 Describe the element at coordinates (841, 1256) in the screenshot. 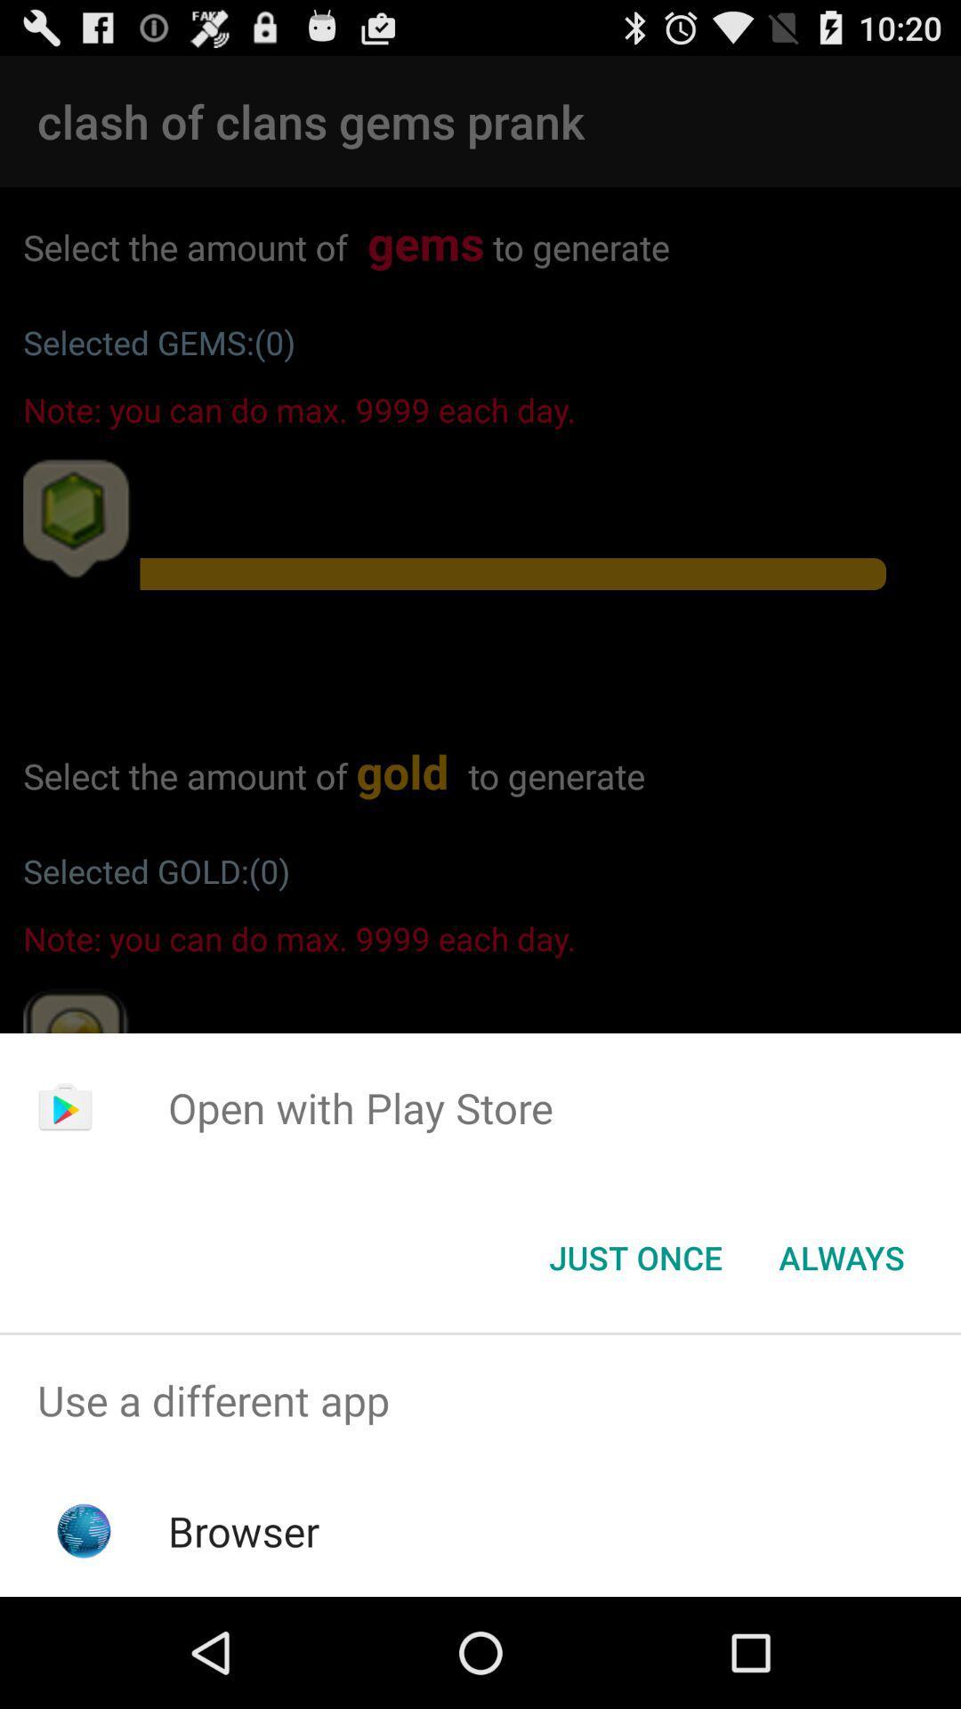

I see `item to the right of just once button` at that location.